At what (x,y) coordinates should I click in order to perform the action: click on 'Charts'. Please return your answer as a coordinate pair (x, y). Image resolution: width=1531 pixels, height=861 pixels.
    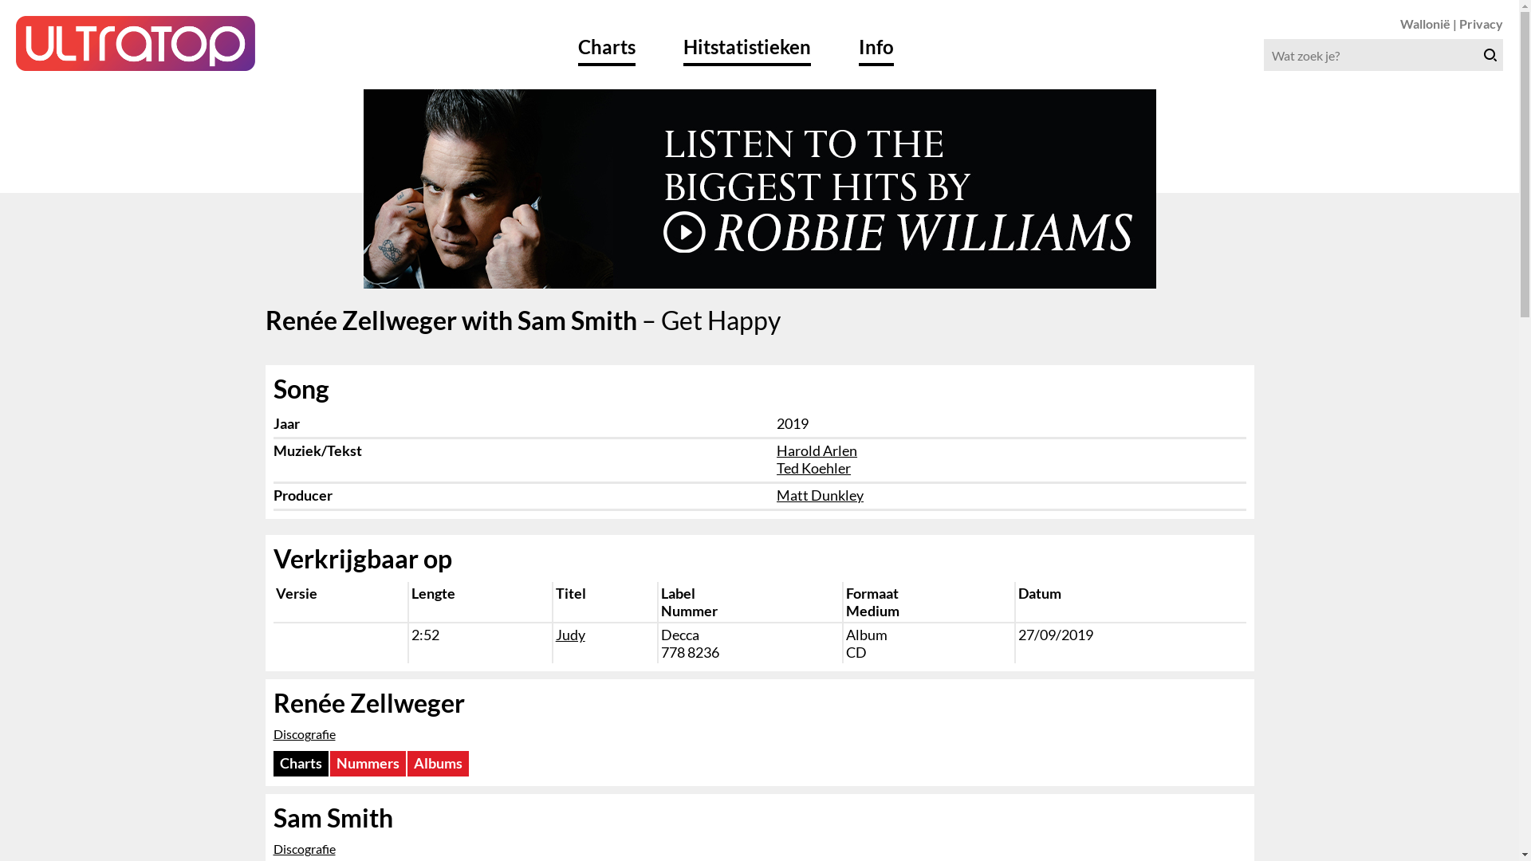
    Looking at the image, I should click on (272, 762).